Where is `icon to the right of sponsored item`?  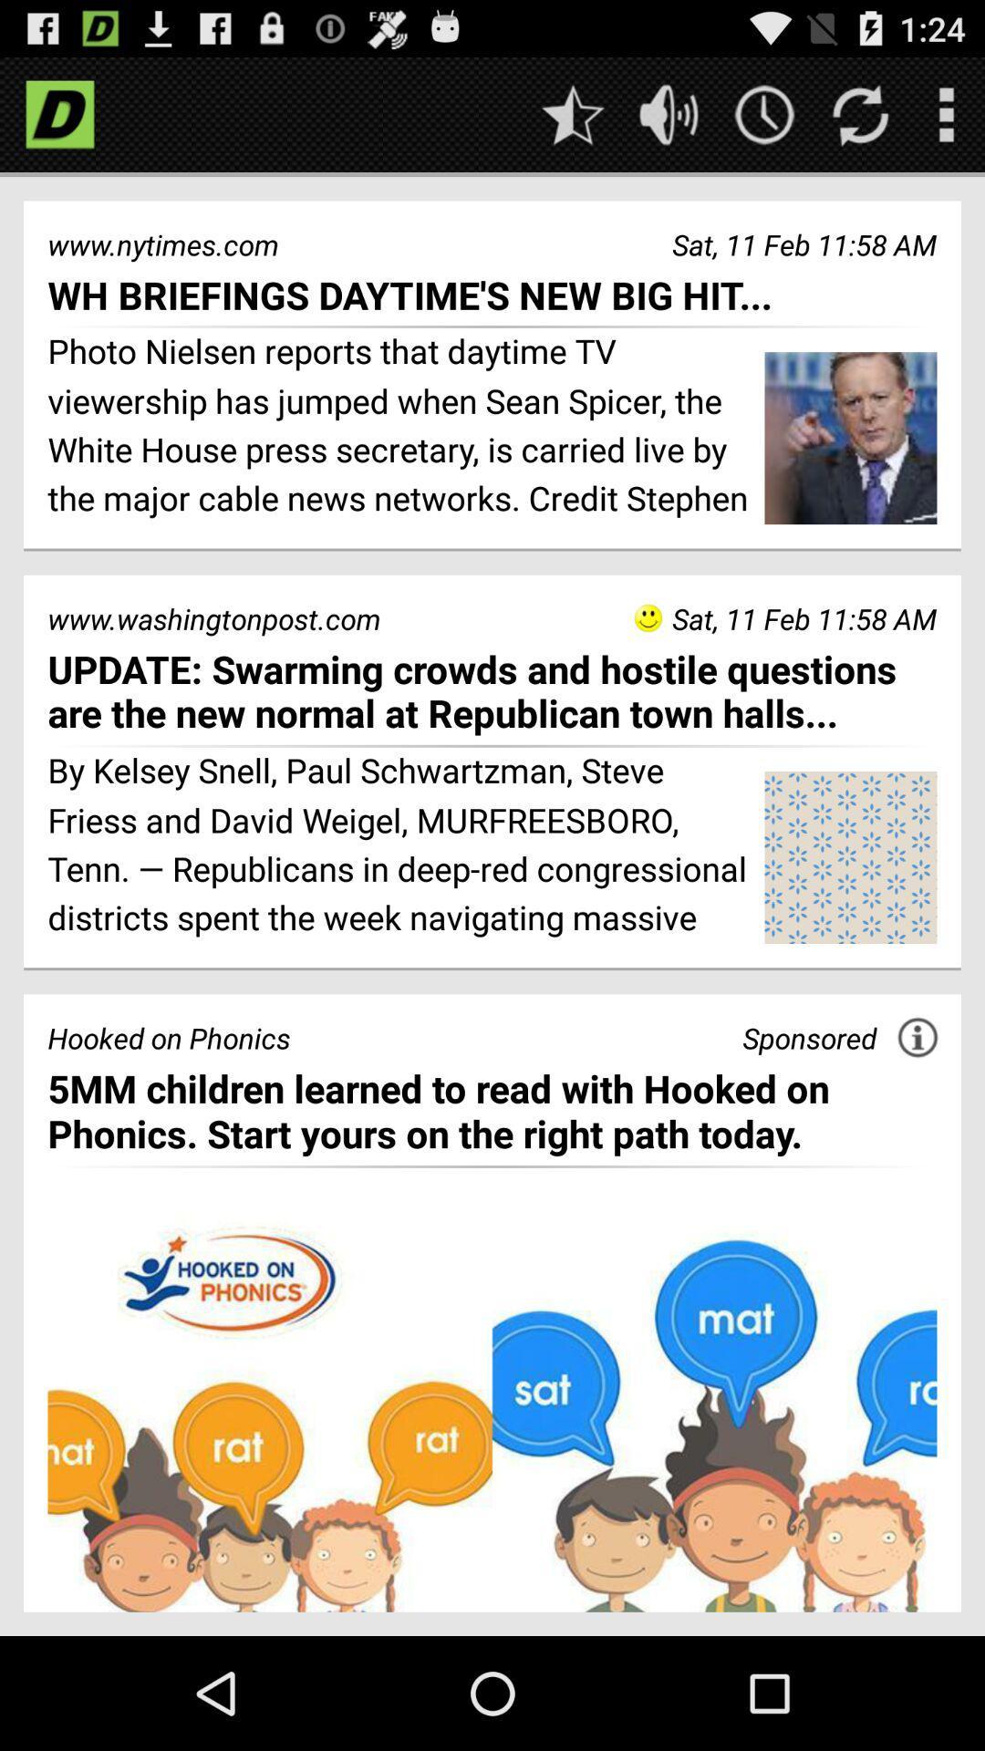 icon to the right of sponsored item is located at coordinates (918, 1037).